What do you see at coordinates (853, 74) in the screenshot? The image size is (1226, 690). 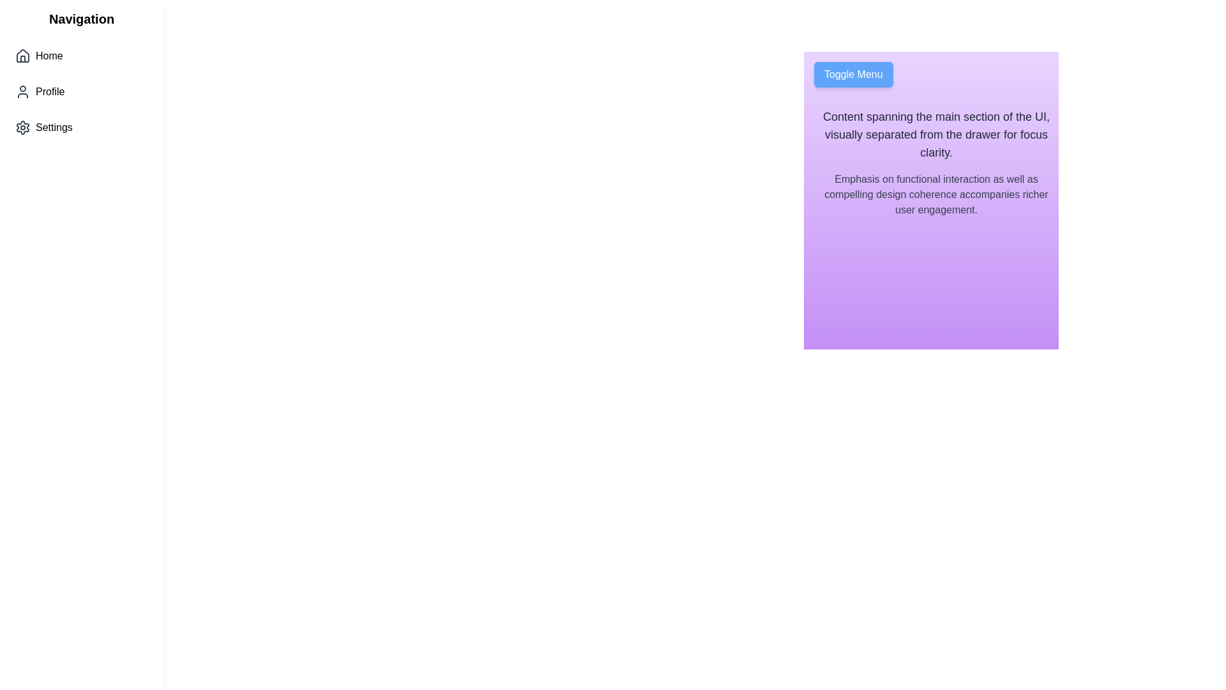 I see `the 'Toggle Menu' button` at bounding box center [853, 74].